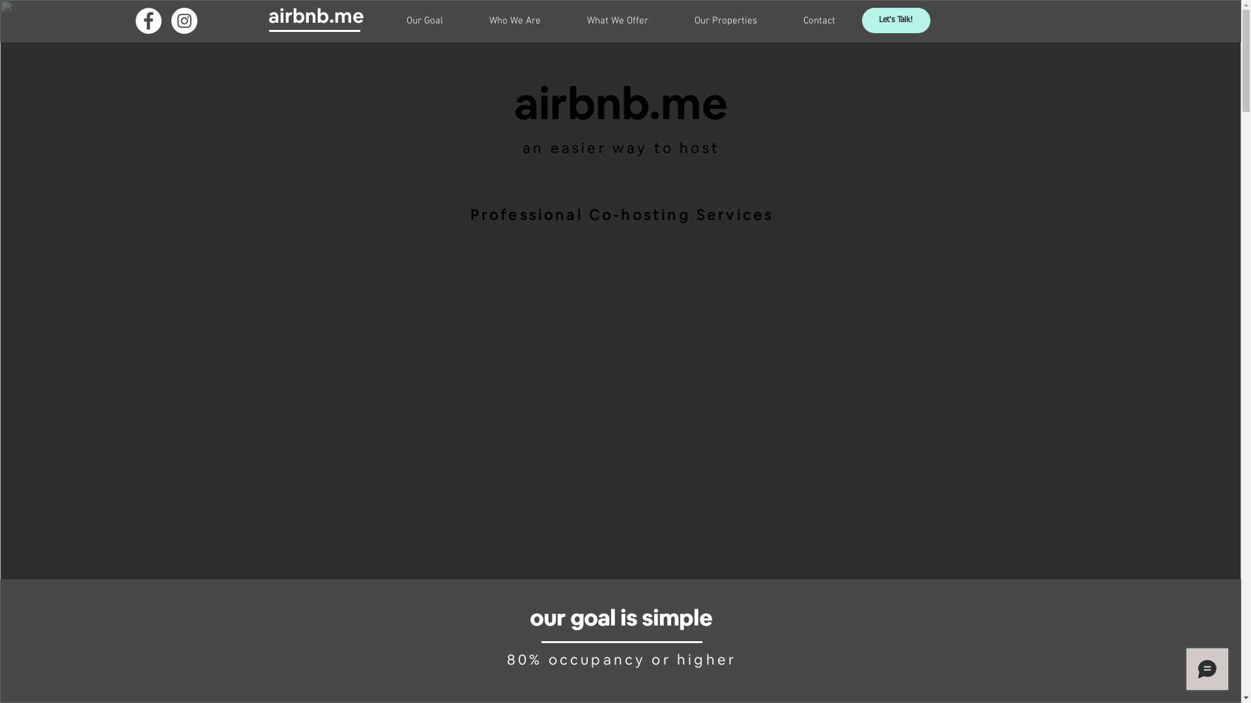 This screenshot has width=1251, height=703. What do you see at coordinates (895, 20) in the screenshot?
I see `'Let's Talk!'` at bounding box center [895, 20].